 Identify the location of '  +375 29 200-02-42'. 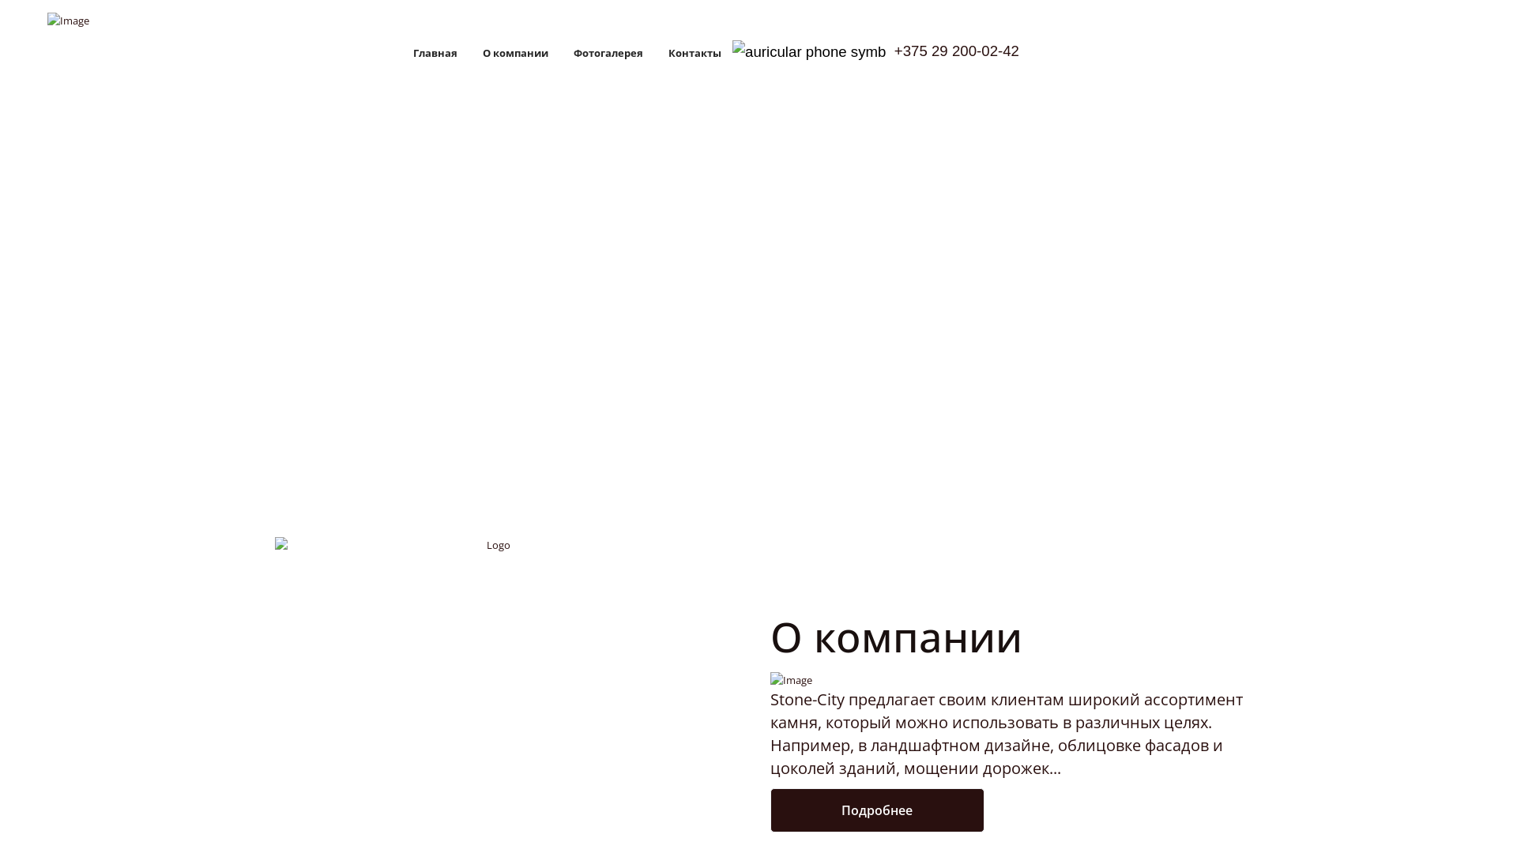
(875, 51).